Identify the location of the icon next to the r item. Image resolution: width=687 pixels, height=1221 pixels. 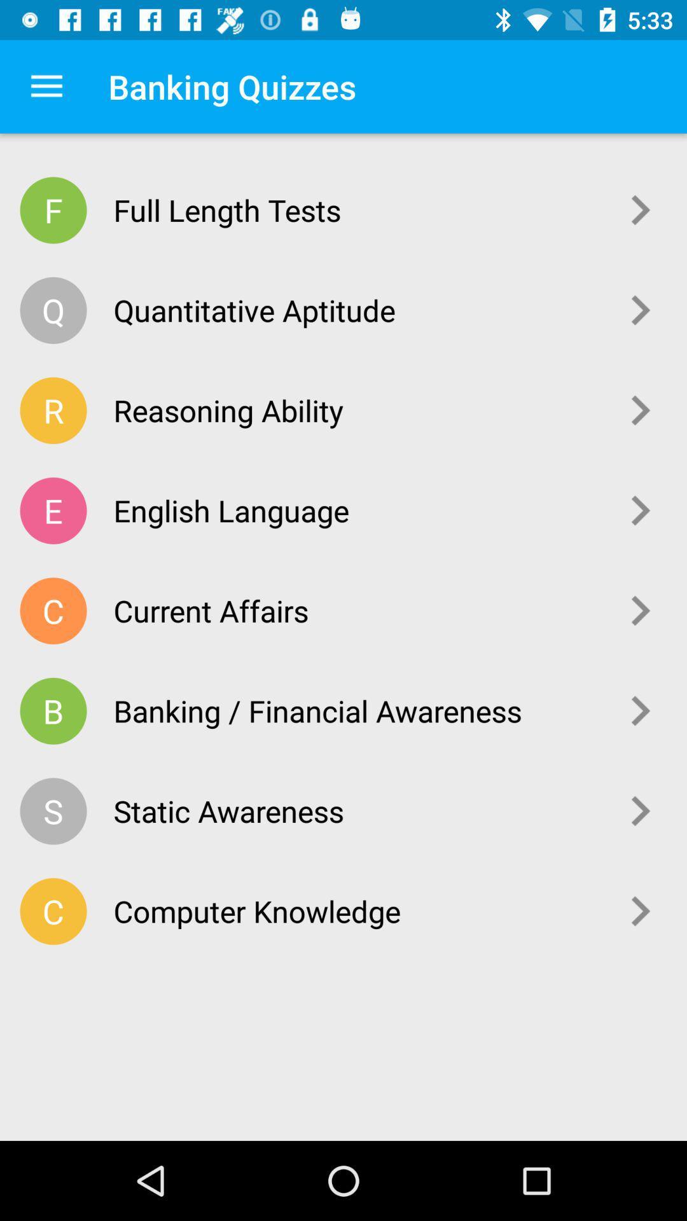
(357, 410).